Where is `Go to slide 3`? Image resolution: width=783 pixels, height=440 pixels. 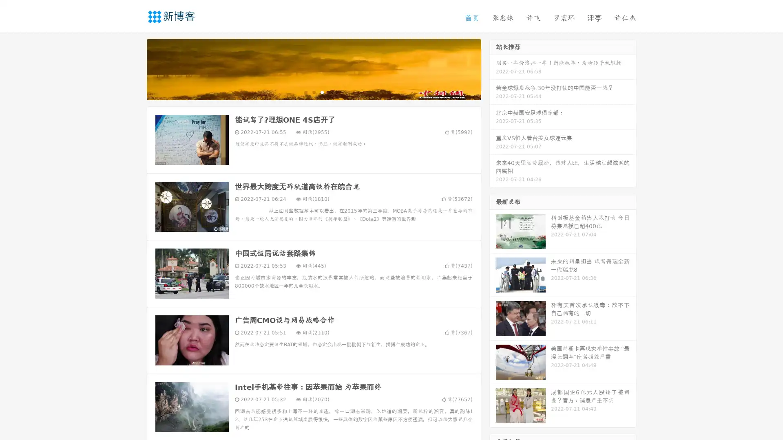
Go to slide 3 is located at coordinates (322, 92).